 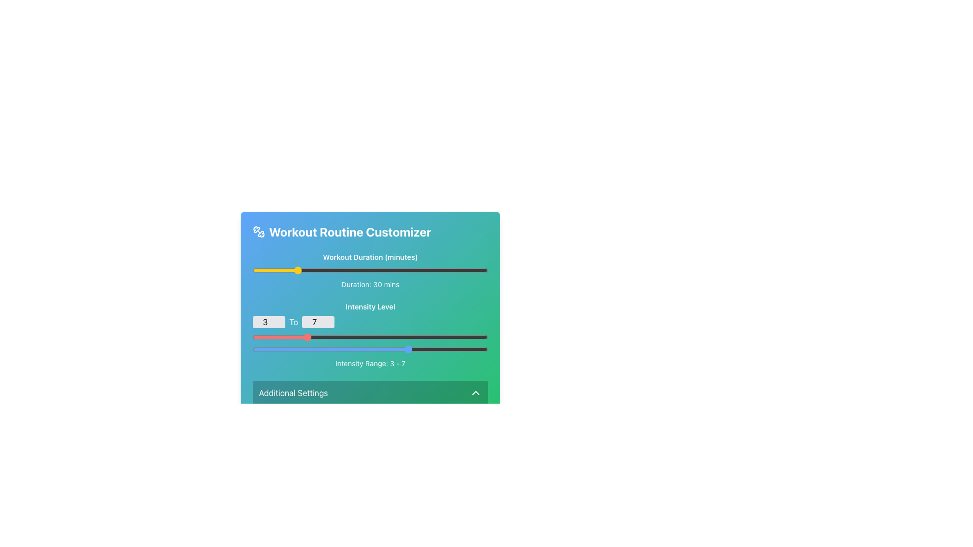 I want to click on workout duration, so click(x=378, y=269).